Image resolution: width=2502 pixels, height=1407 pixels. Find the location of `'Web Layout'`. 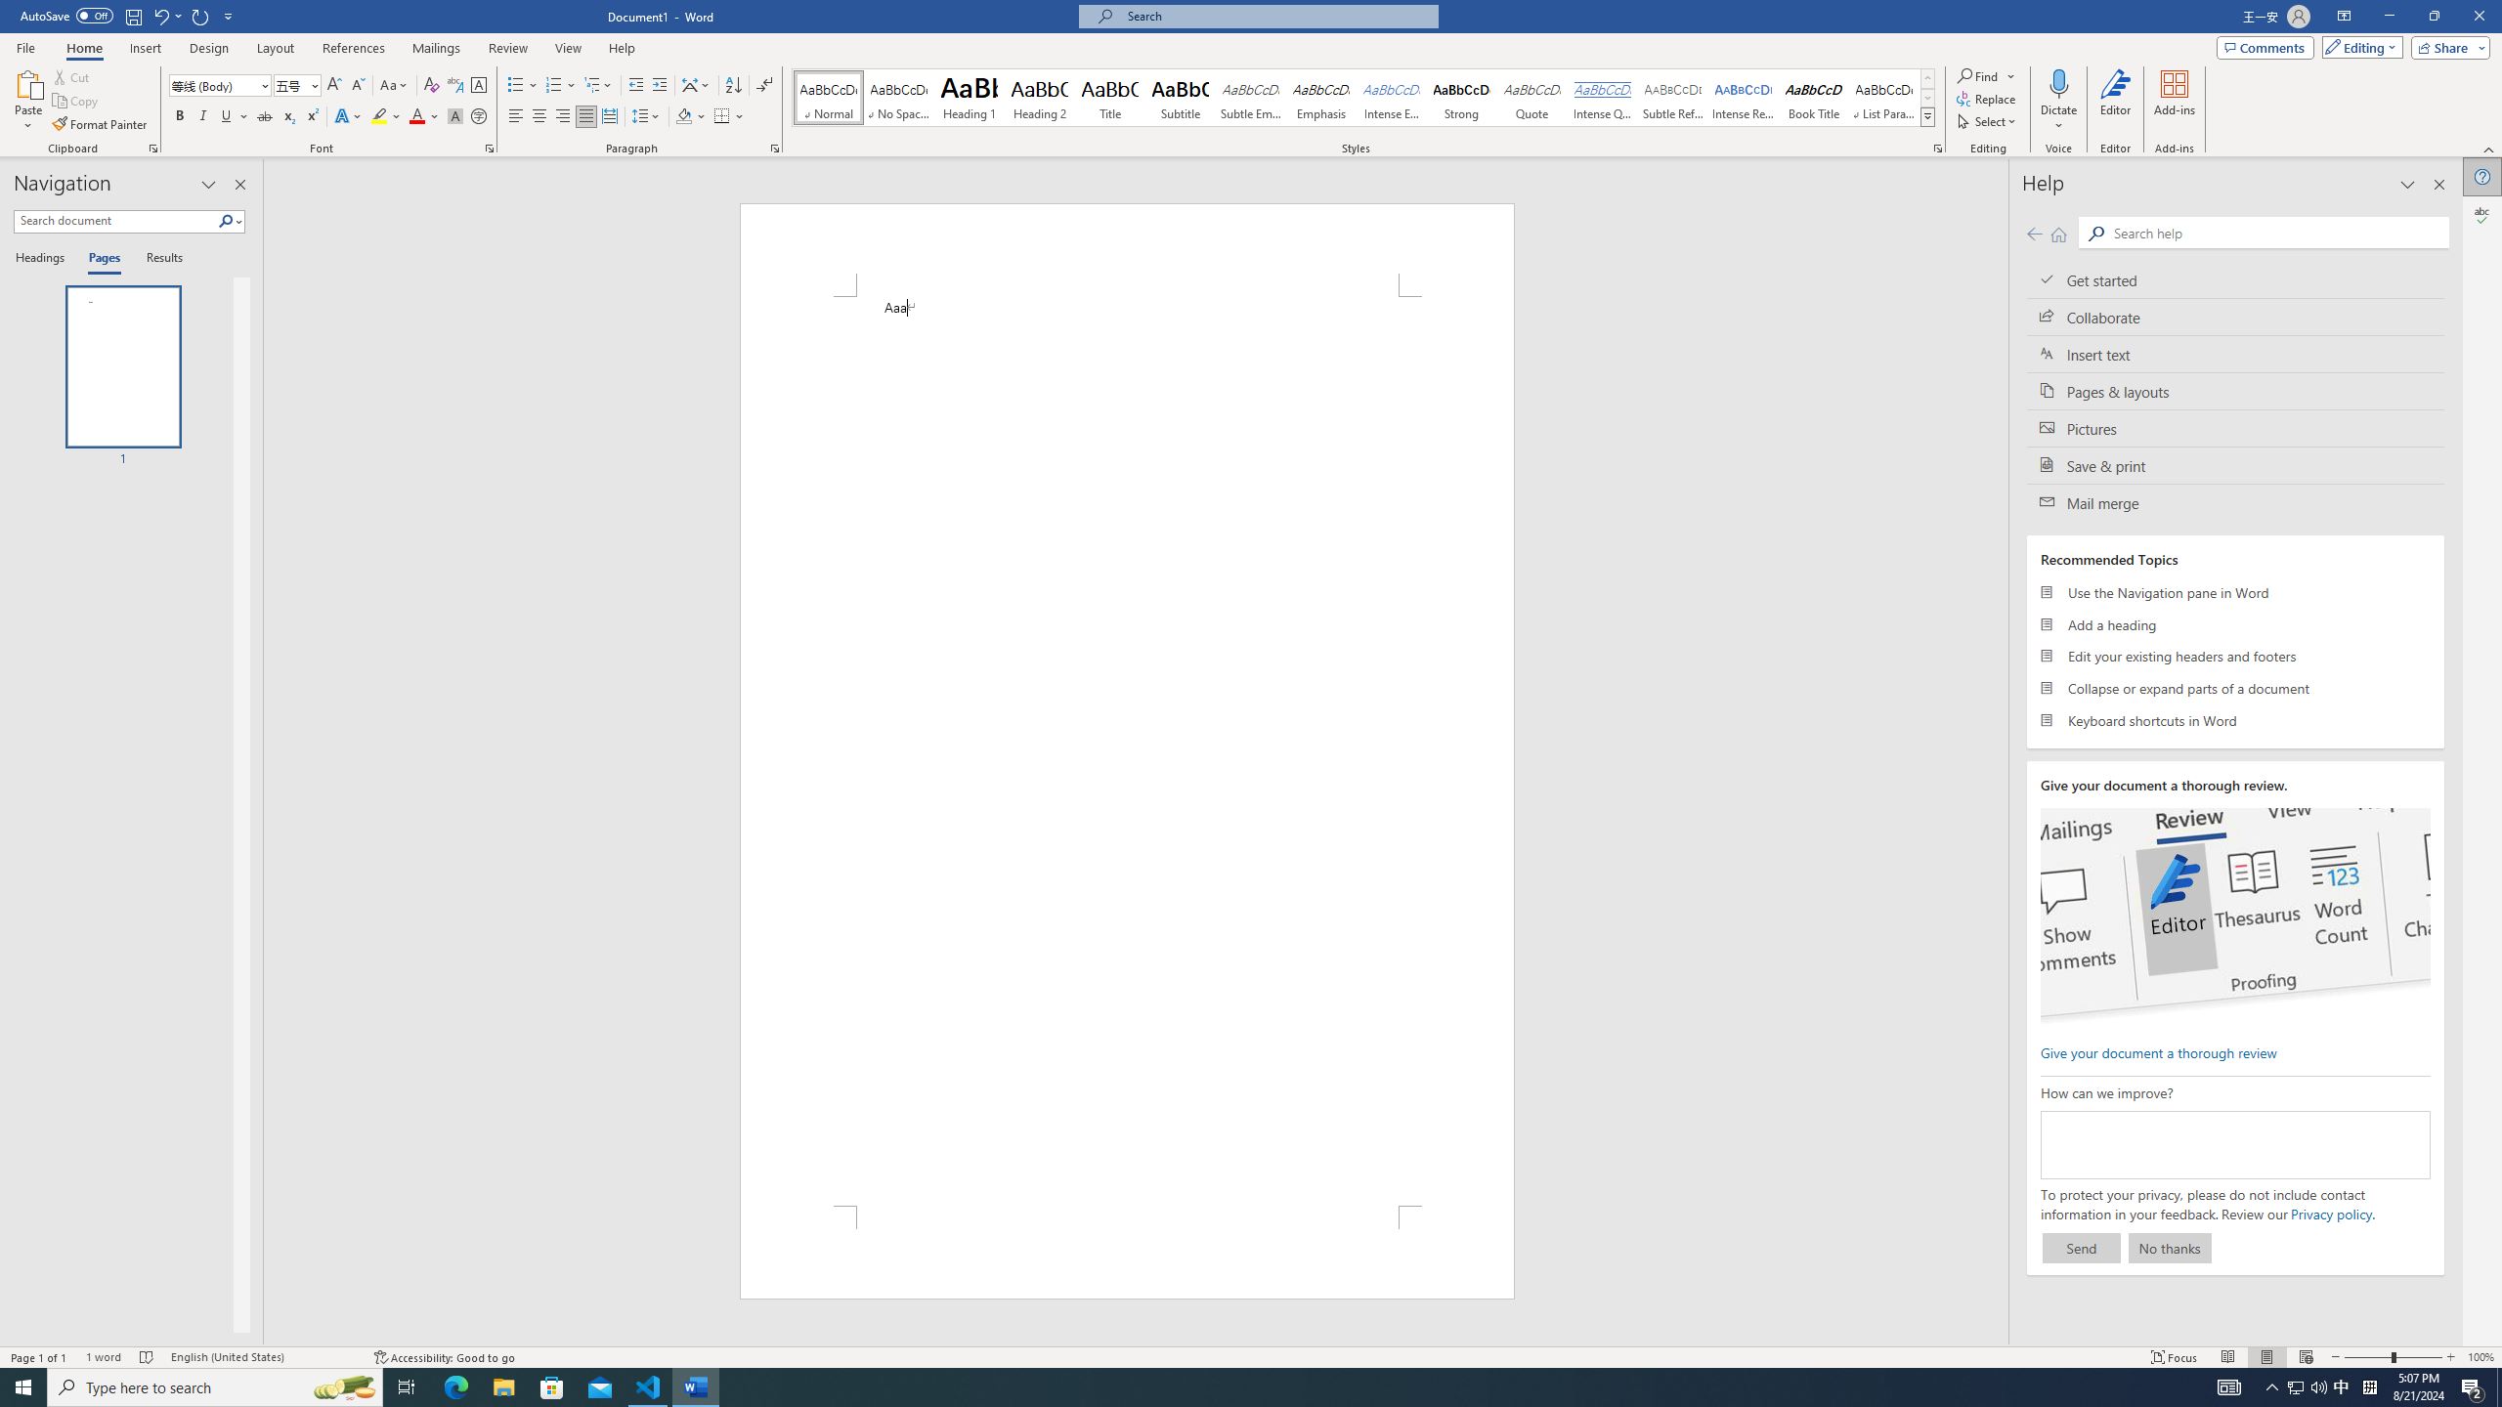

'Web Layout' is located at coordinates (2307, 1357).